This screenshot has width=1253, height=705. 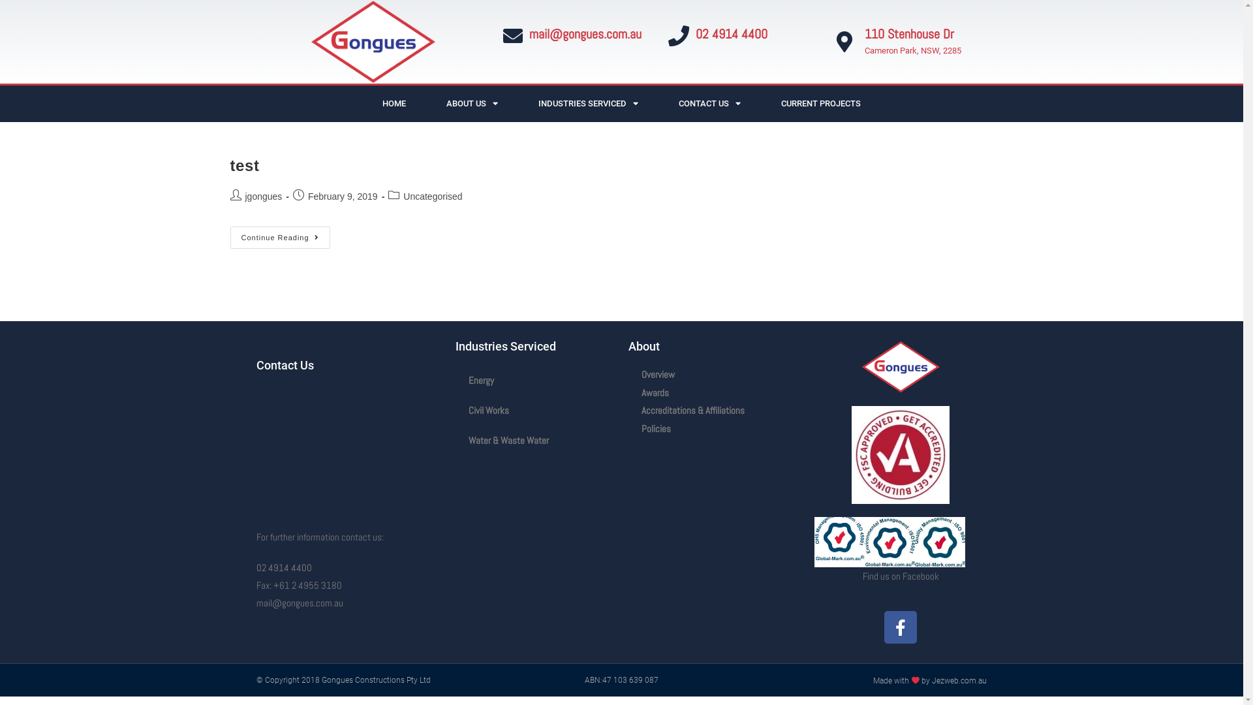 What do you see at coordinates (908, 33) in the screenshot?
I see `'110 Stenhouse Dr'` at bounding box center [908, 33].